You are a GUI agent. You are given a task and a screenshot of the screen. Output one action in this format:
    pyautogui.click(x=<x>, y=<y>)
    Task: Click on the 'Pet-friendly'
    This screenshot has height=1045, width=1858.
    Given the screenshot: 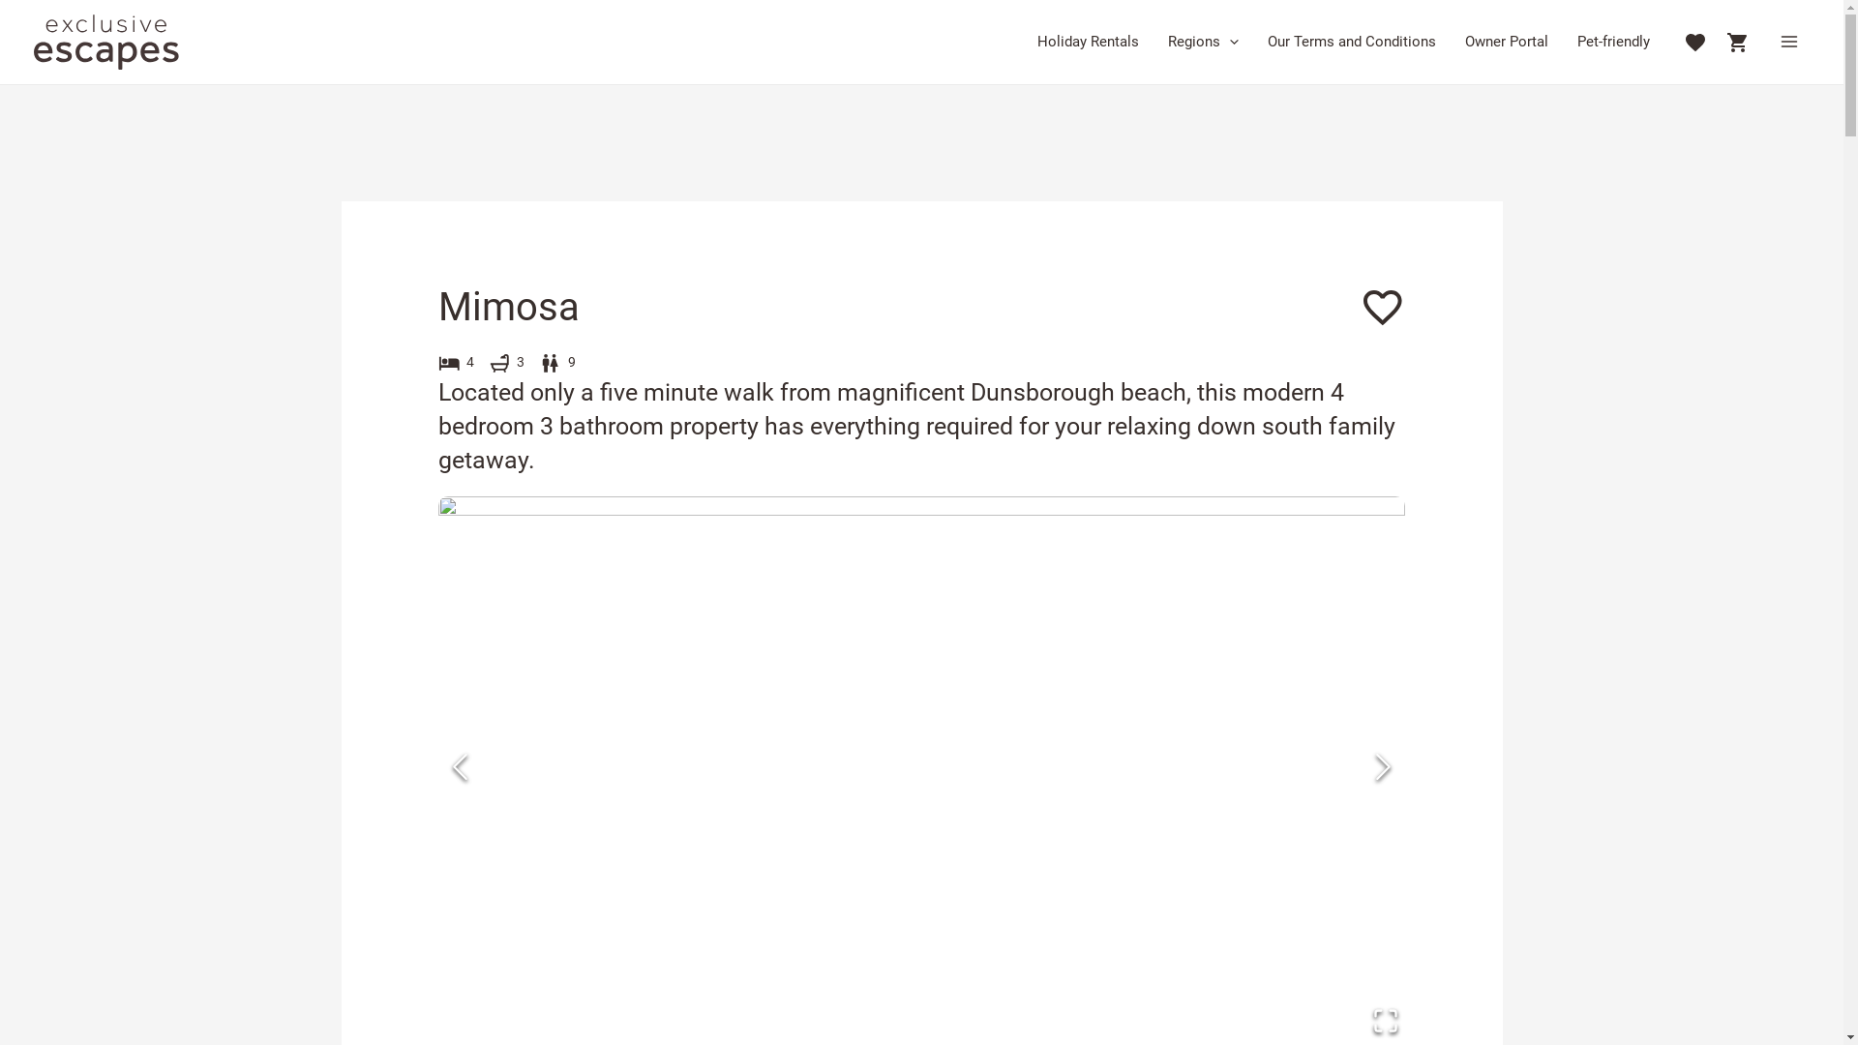 What is the action you would take?
    pyautogui.click(x=1612, y=41)
    